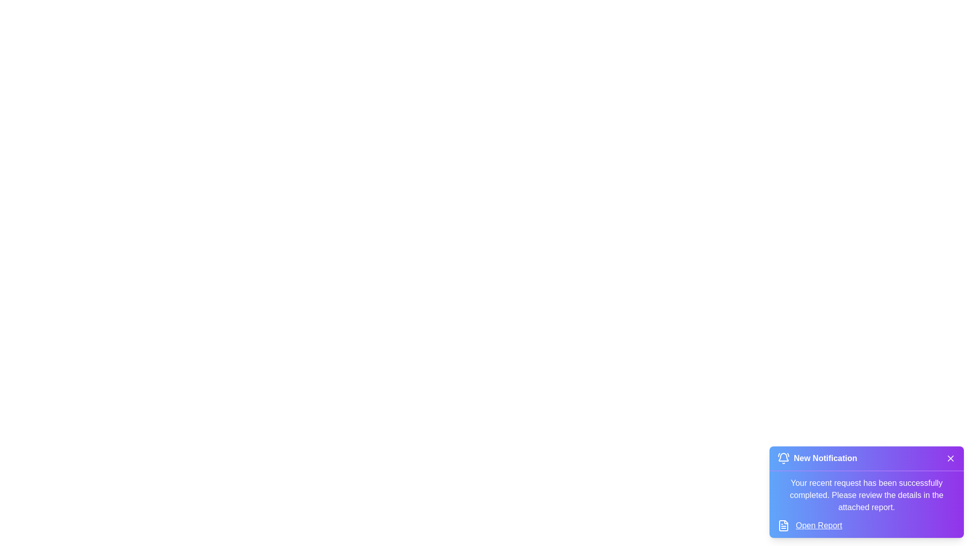 The height and width of the screenshot is (546, 972). What do you see at coordinates (950, 458) in the screenshot?
I see `the 'X' button located in the upper right corner of the notification box` at bounding box center [950, 458].